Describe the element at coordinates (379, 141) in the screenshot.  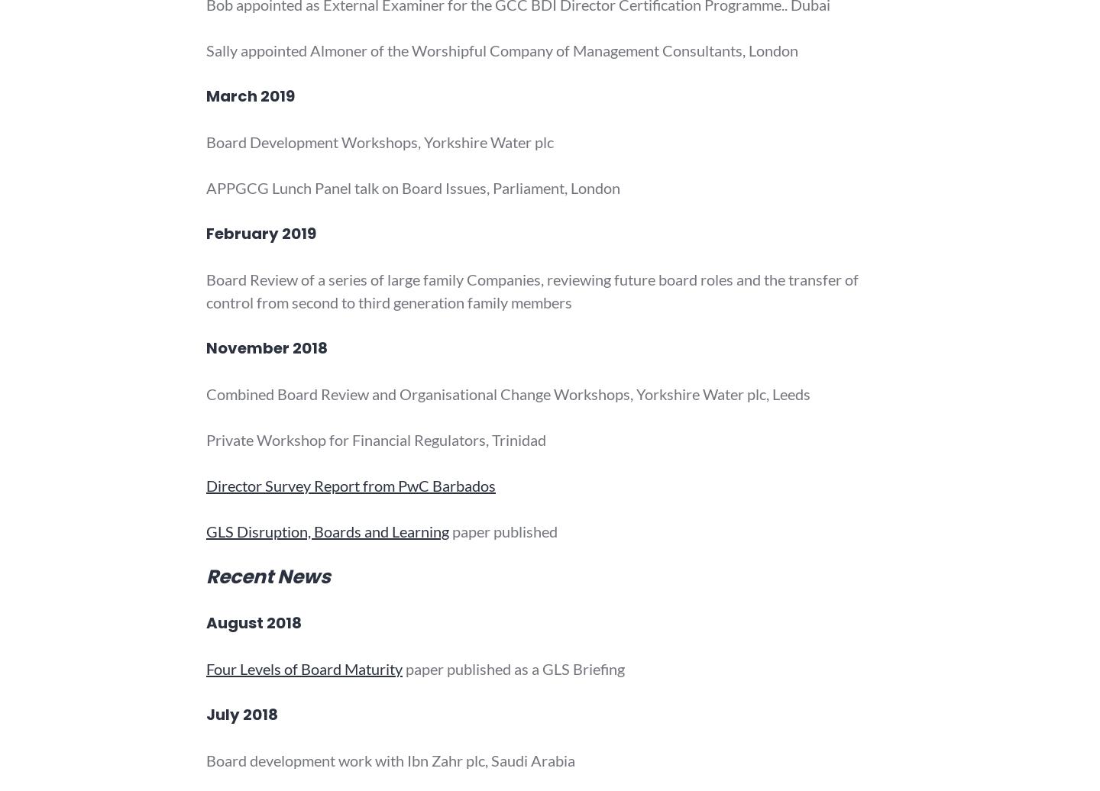
I see `'Board Development Workshops, Yorkshire Water plc'` at that location.